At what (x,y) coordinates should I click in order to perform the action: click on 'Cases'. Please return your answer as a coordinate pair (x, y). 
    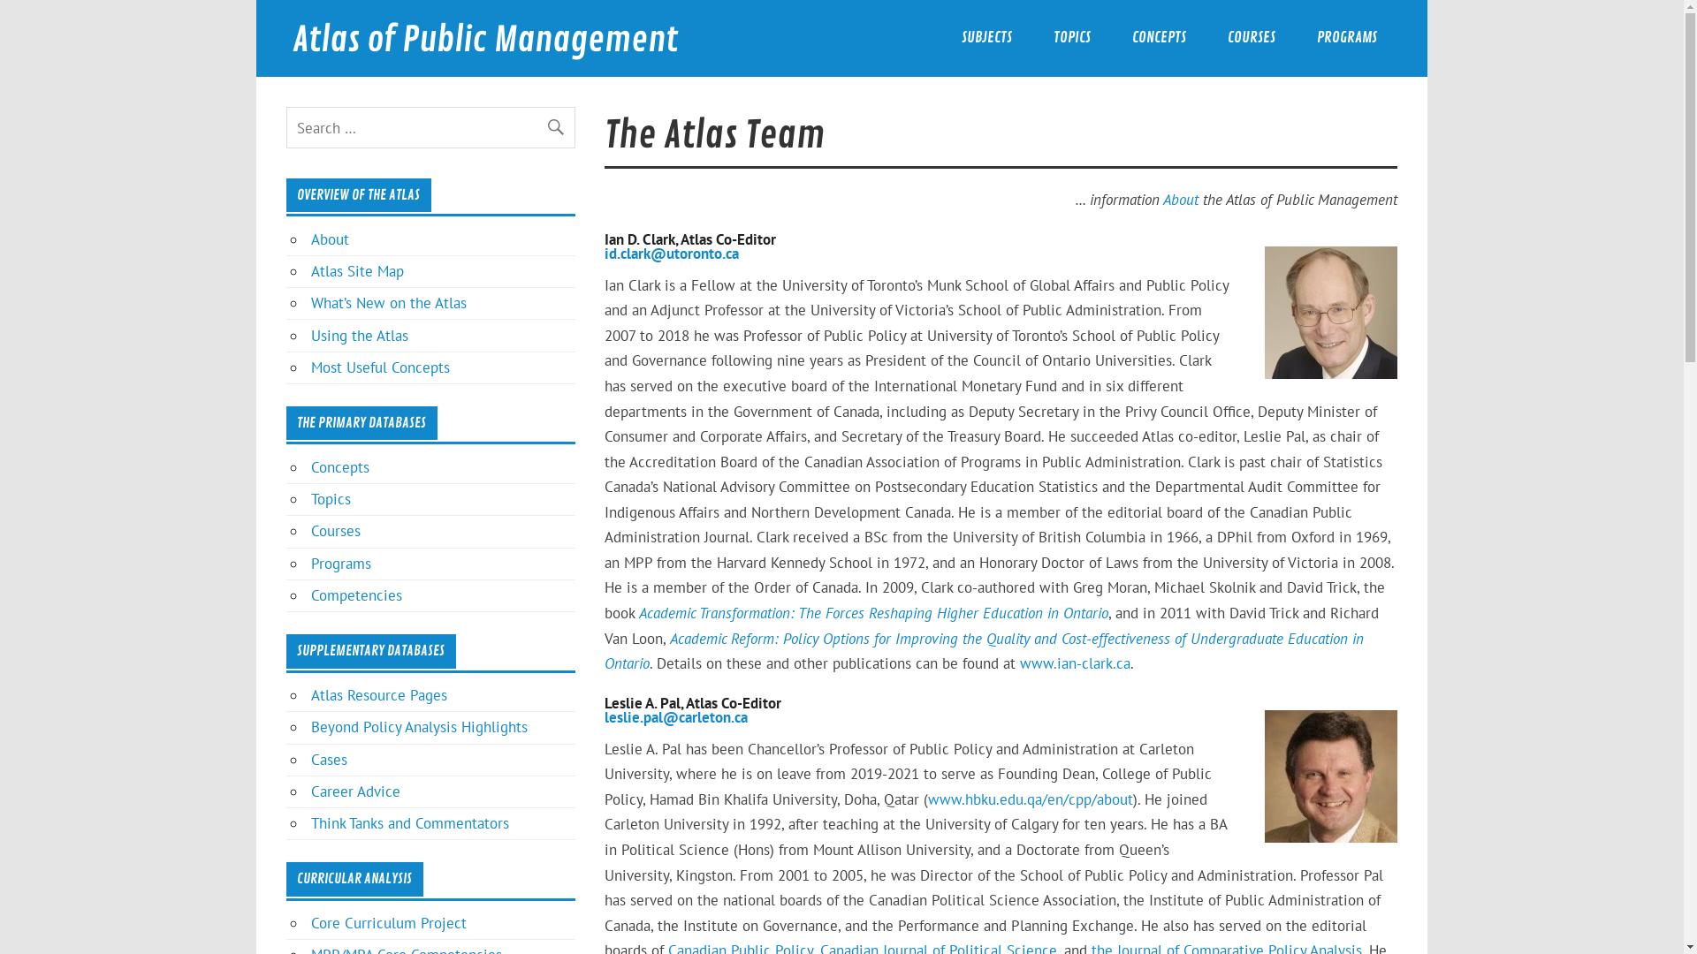
    Looking at the image, I should click on (329, 759).